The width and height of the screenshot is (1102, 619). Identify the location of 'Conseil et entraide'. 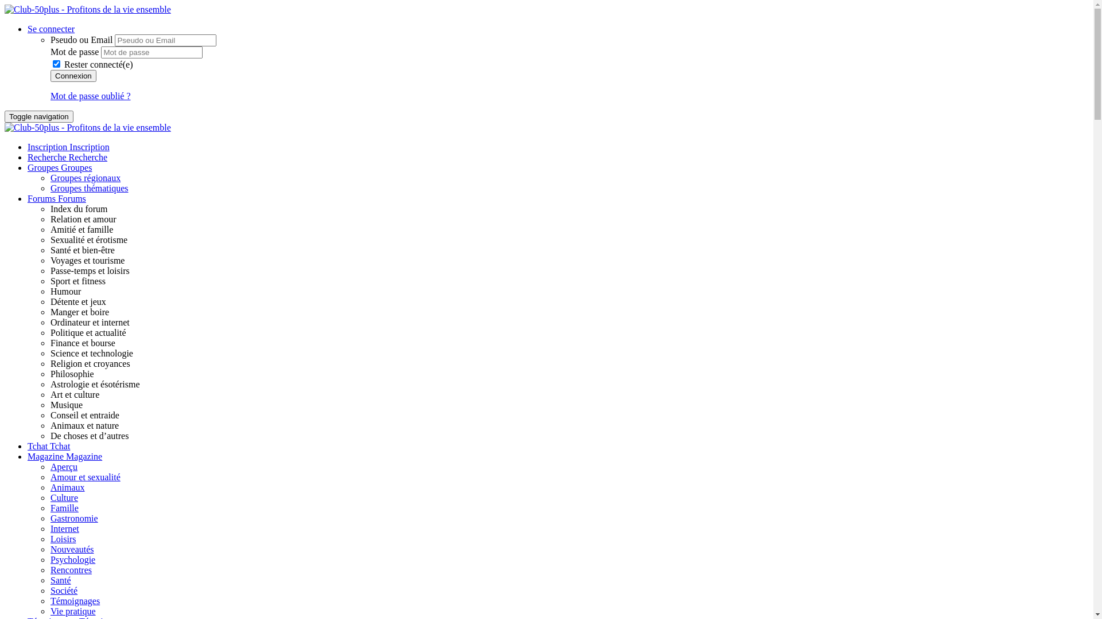
(84, 415).